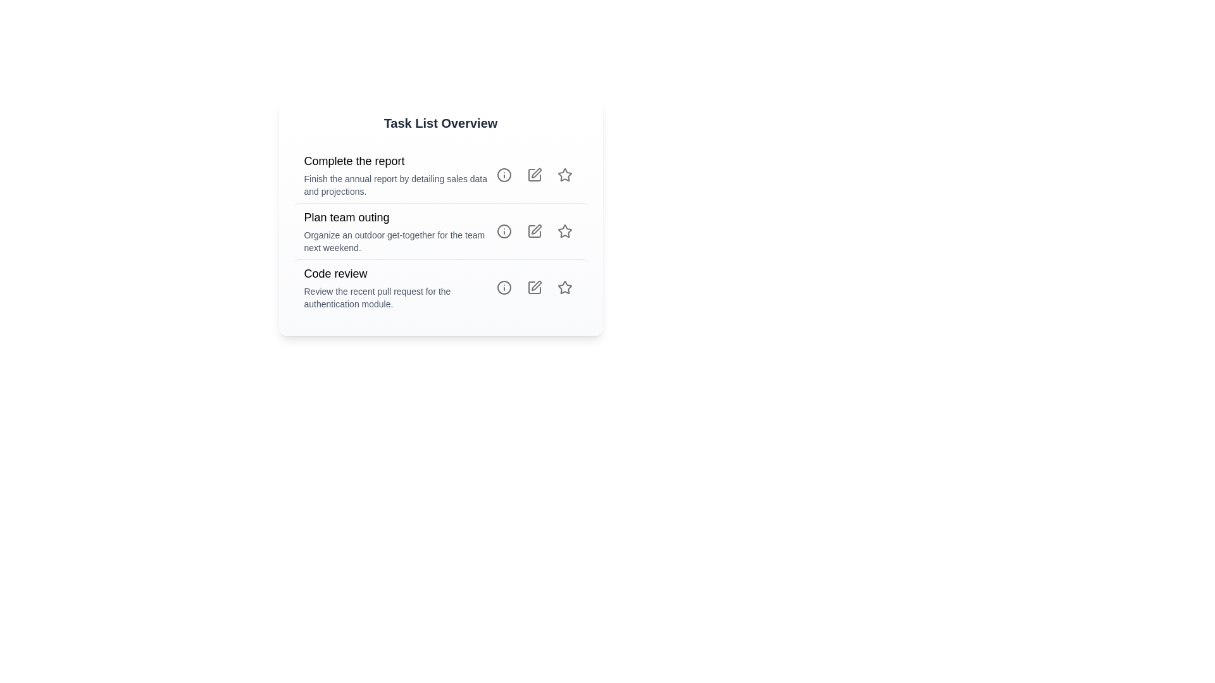 The image size is (1215, 683). Describe the element at coordinates (440, 231) in the screenshot. I see `the second task entry in the list, which is located between 'Complete the report' and 'Code review'` at that location.